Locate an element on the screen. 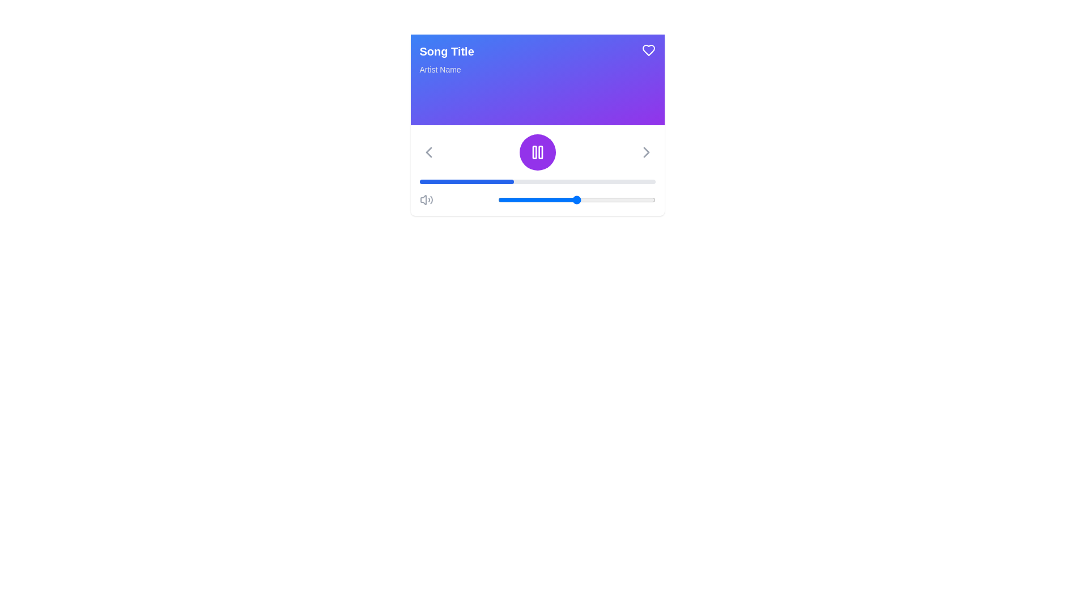  volume is located at coordinates (529, 199).